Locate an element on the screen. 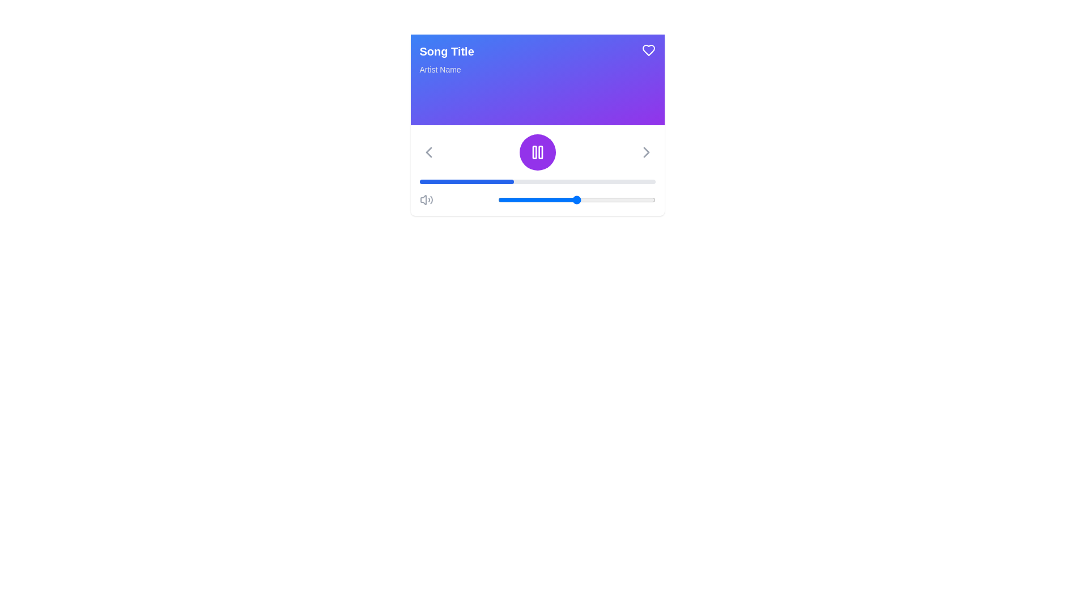  volume is located at coordinates (529, 199).